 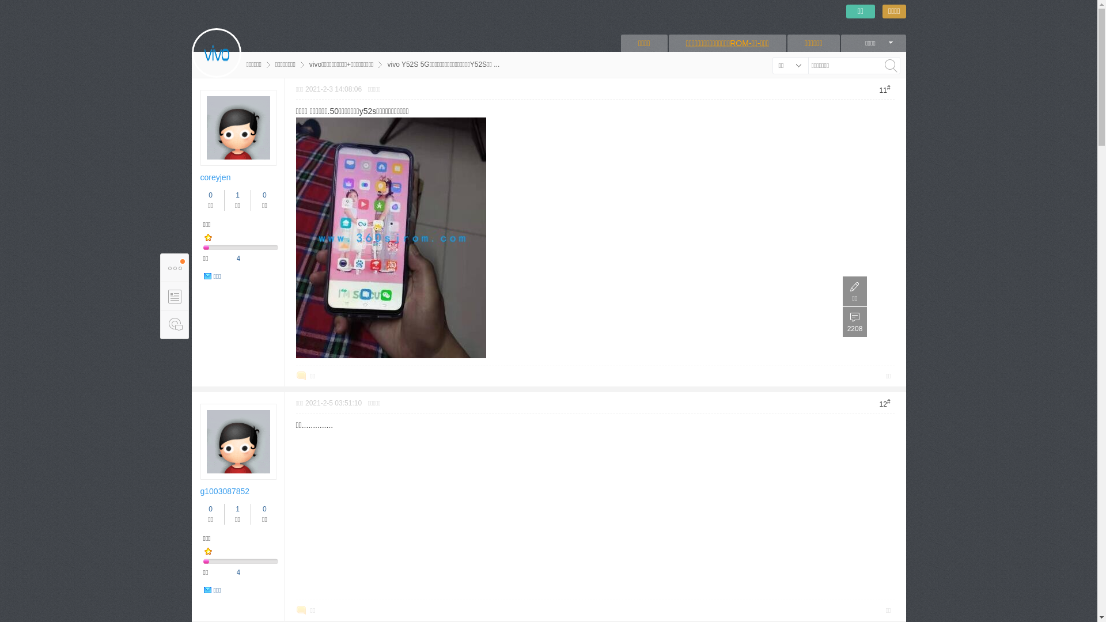 What do you see at coordinates (890, 66) in the screenshot?
I see `'true'` at bounding box center [890, 66].